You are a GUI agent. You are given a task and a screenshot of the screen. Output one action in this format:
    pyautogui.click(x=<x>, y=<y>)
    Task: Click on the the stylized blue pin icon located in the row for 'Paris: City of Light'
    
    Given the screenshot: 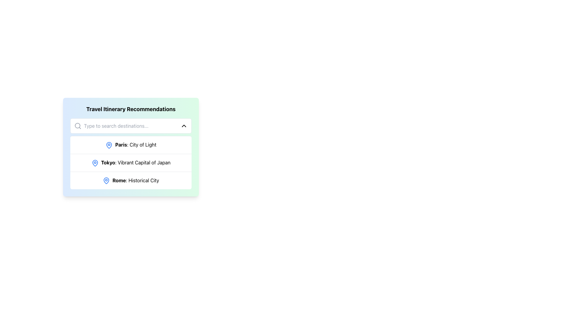 What is the action you would take?
    pyautogui.click(x=95, y=163)
    